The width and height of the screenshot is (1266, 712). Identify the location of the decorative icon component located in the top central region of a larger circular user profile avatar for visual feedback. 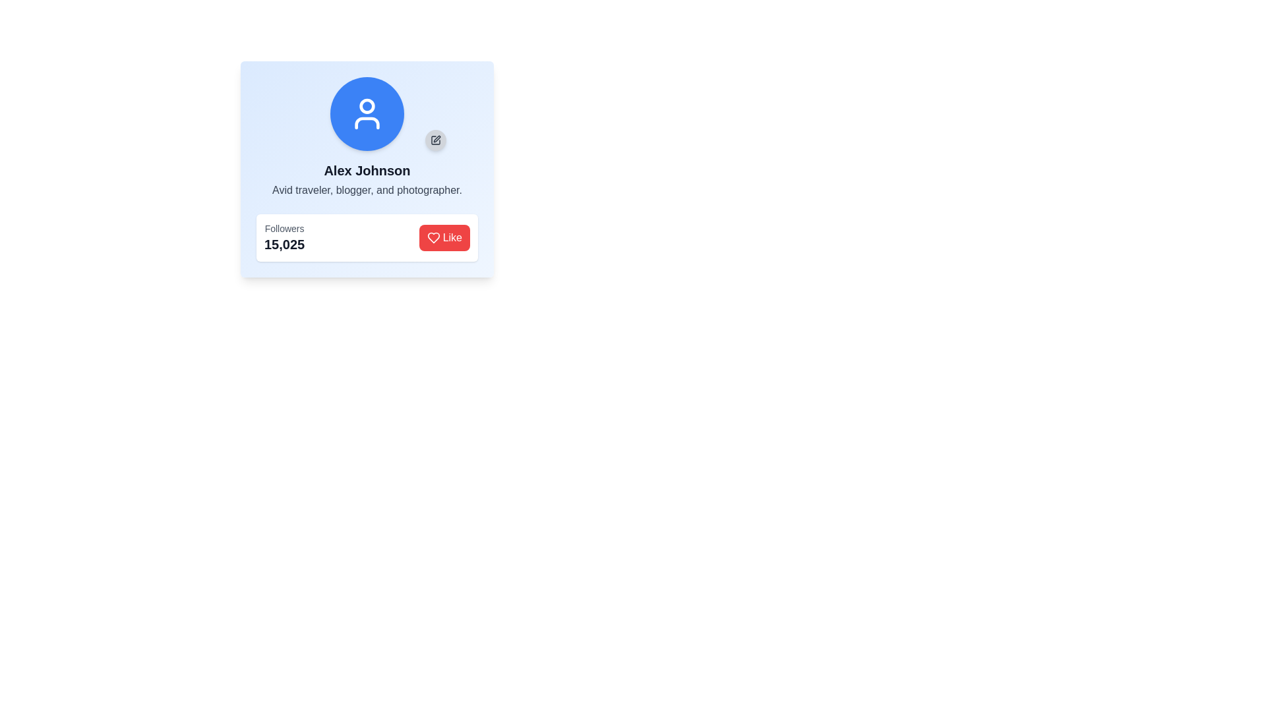
(367, 105).